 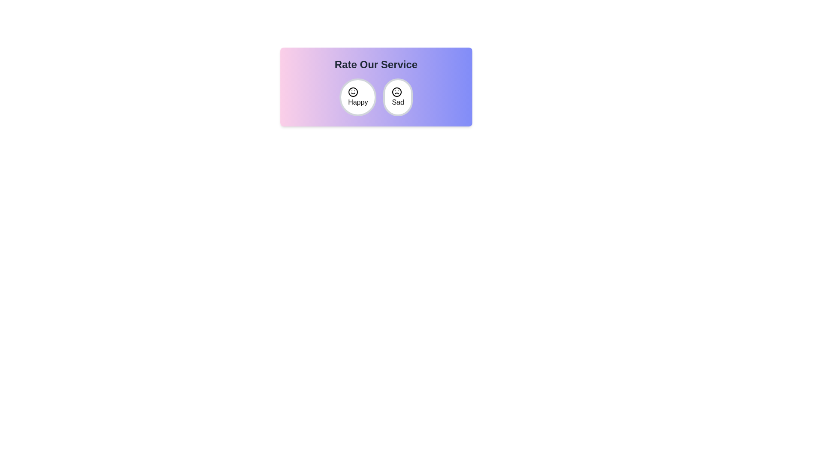 What do you see at coordinates (358, 97) in the screenshot?
I see `the emoji Happy to observe the hover effect` at bounding box center [358, 97].